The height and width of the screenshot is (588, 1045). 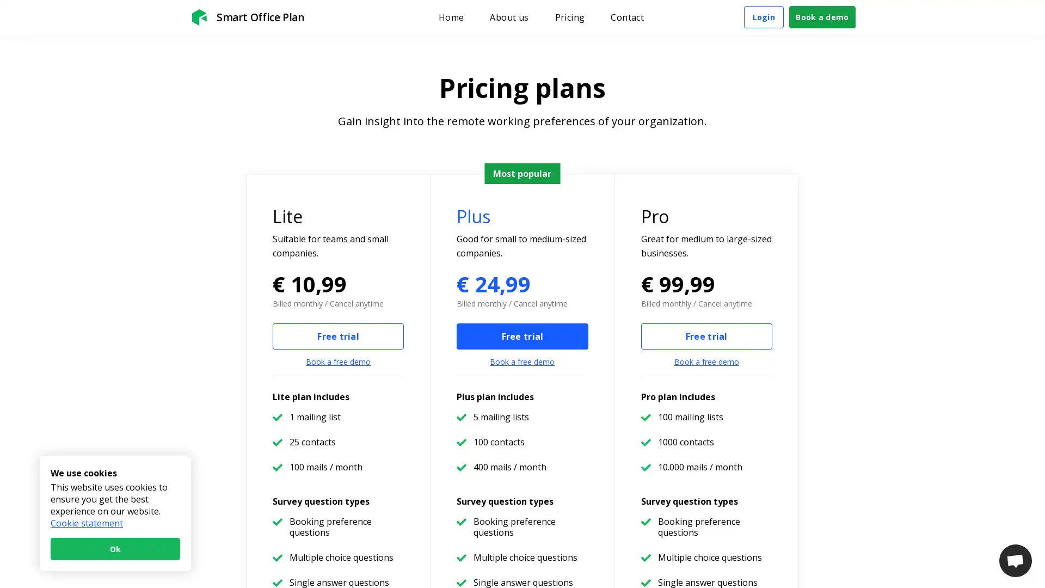 I want to click on Free trial, so click(x=337, y=335).